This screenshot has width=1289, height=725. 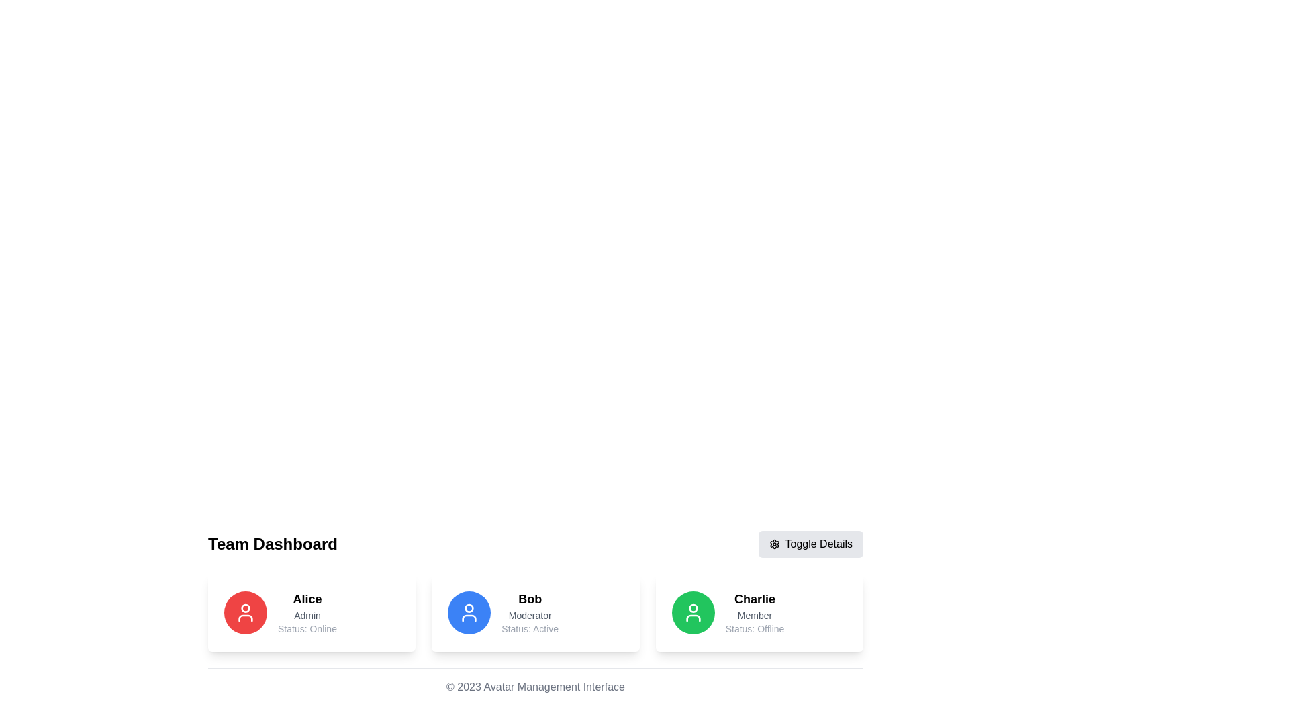 What do you see at coordinates (245, 613) in the screenshot?
I see `the user icon representing 'Alice' in the leftmost card under the 'Team Dashboard' heading` at bounding box center [245, 613].